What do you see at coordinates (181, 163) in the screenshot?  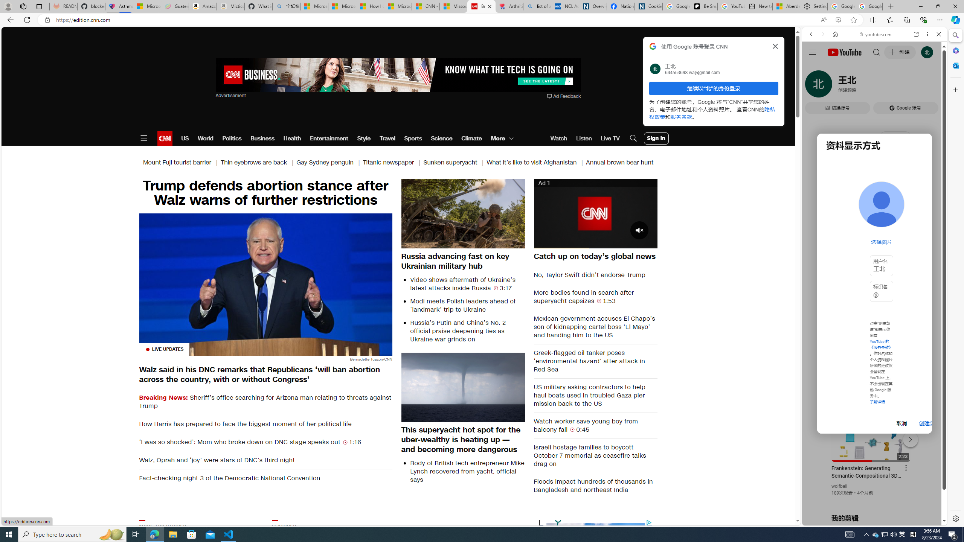 I see `'Mount Fuji tourist barrier |'` at bounding box center [181, 163].